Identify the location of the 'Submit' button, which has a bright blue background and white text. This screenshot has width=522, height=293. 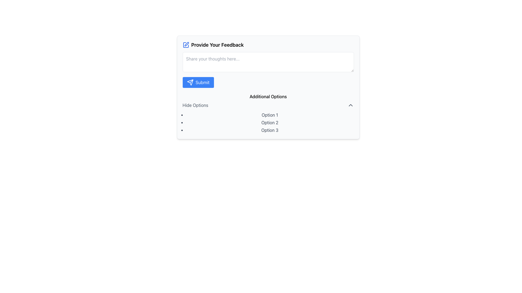
(198, 82).